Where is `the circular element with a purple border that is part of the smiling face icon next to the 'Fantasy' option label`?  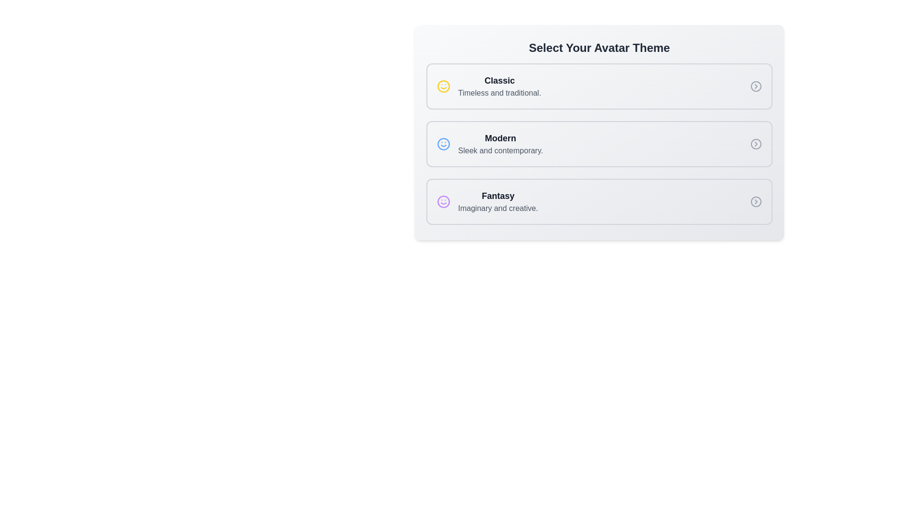 the circular element with a purple border that is part of the smiling face icon next to the 'Fantasy' option label is located at coordinates (443, 201).